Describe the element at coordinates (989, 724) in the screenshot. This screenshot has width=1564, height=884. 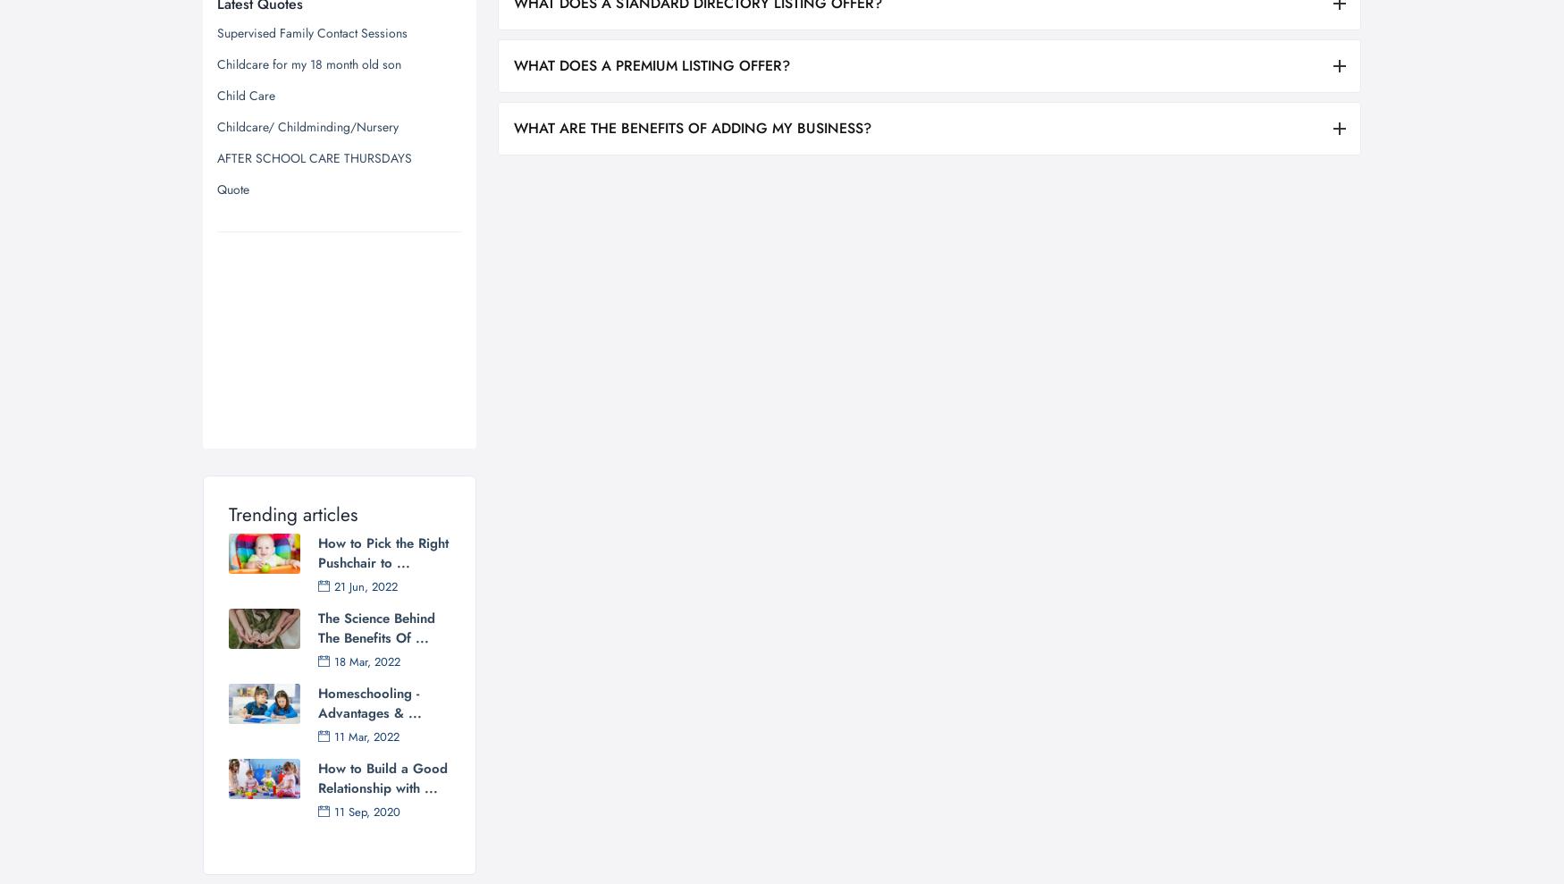
I see `'FAQ'` at that location.